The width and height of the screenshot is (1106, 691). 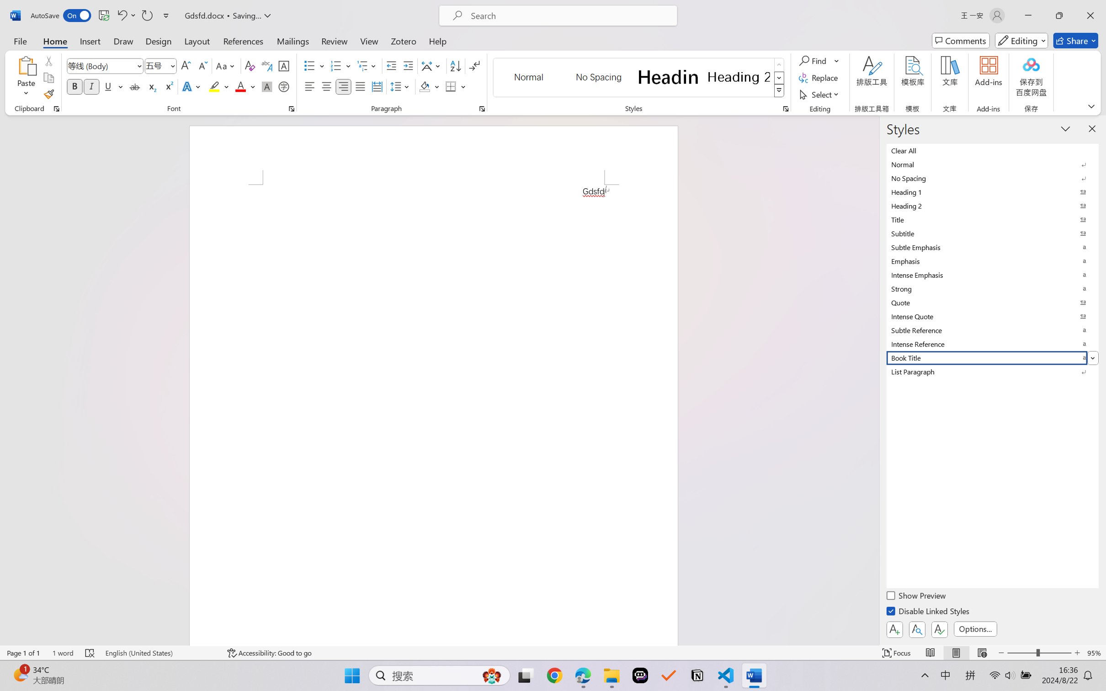 I want to click on 'Page 1 content', so click(x=433, y=415).